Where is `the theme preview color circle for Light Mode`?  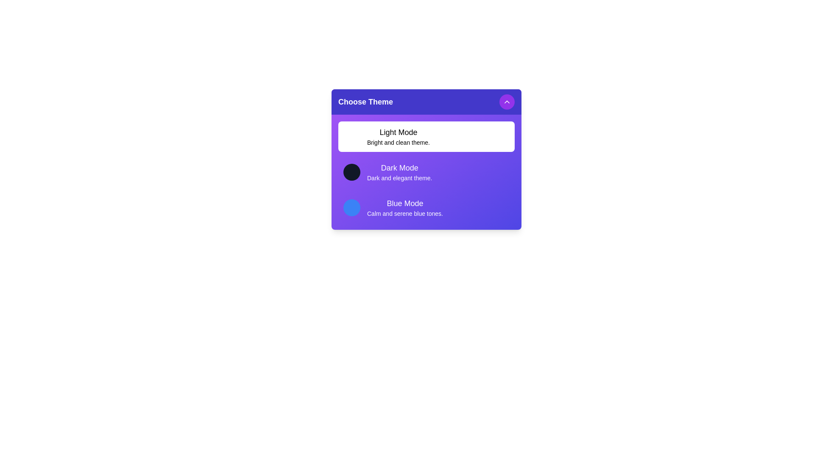 the theme preview color circle for Light Mode is located at coordinates (352, 136).